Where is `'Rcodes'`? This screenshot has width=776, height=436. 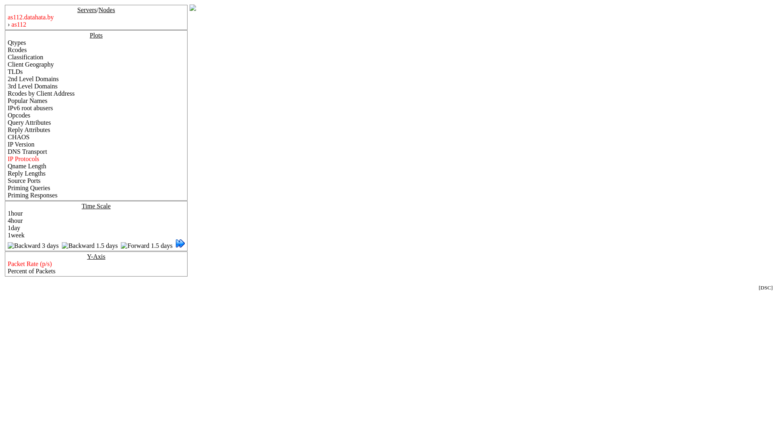 'Rcodes' is located at coordinates (8, 50).